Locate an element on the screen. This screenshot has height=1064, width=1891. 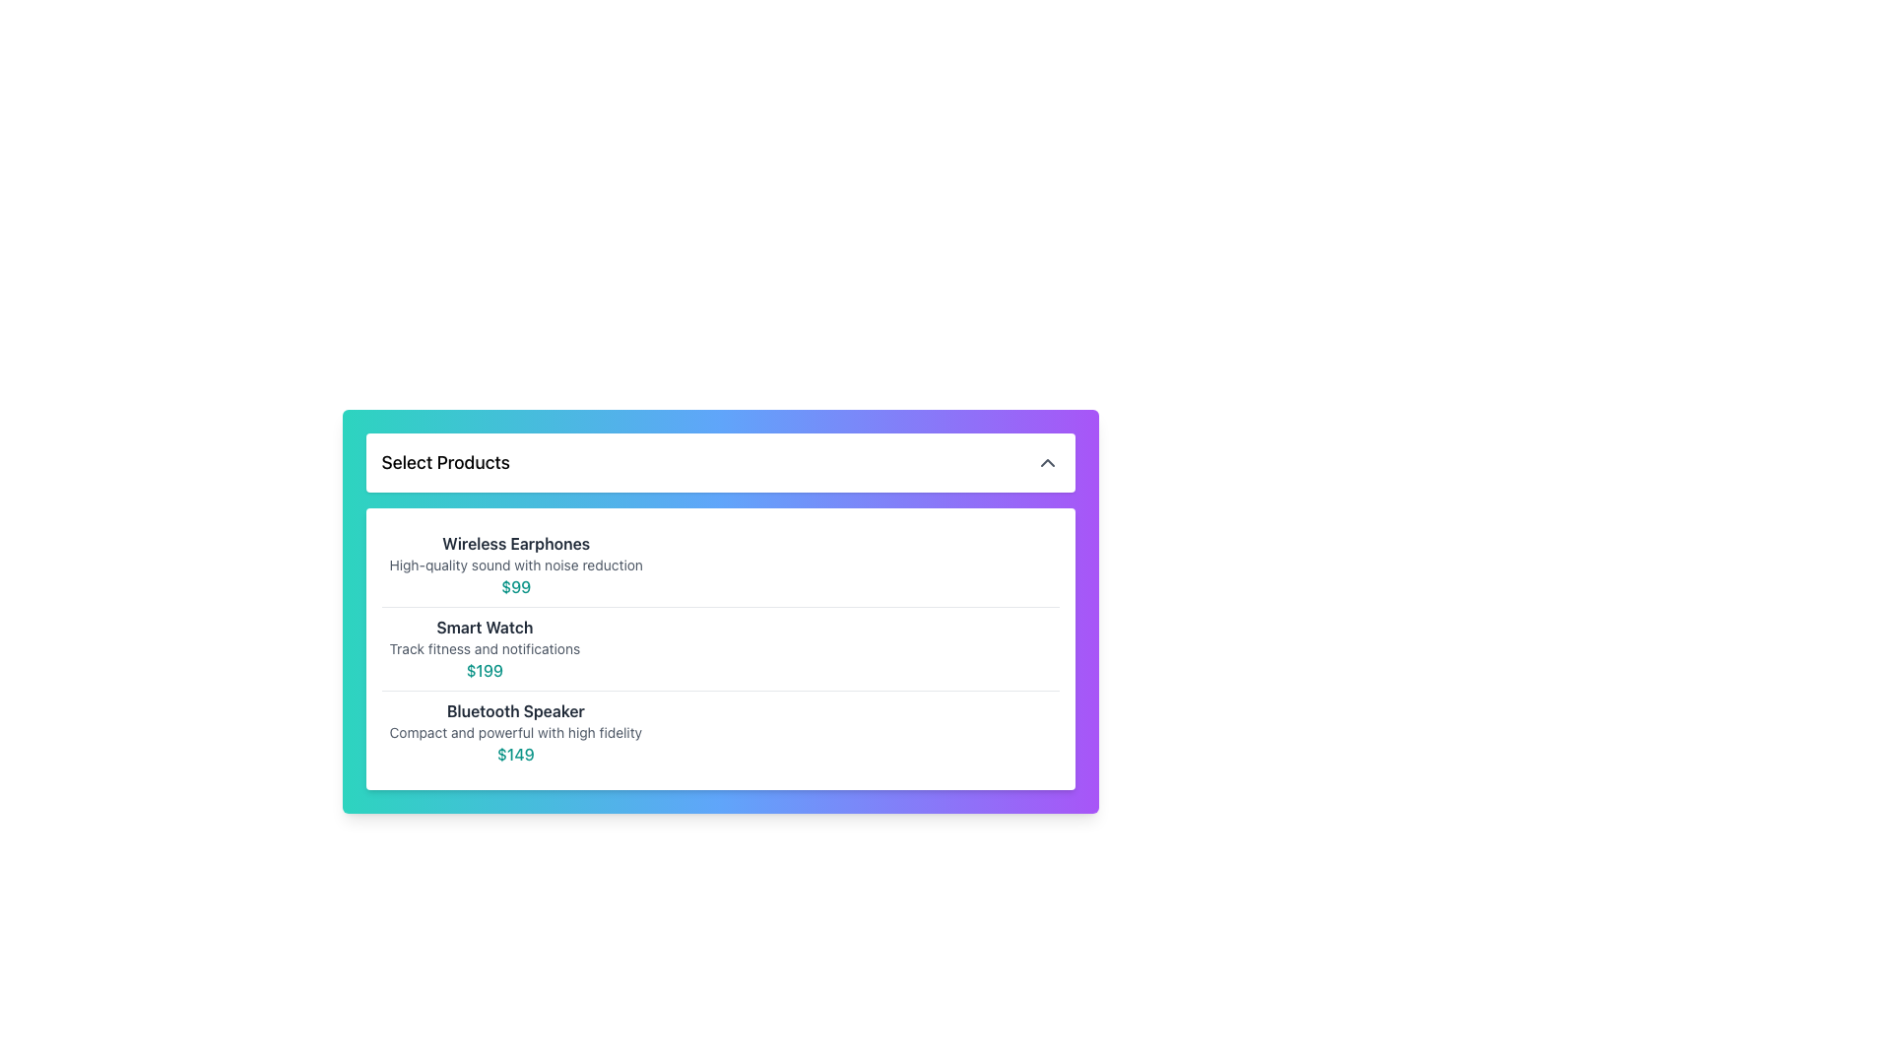
the List item card for the 'Smart Watch' product, which is the second item in a vertical list of three entries, located below 'Wireless Earphones' and above 'Bluetooth Speaker' is located at coordinates (719, 649).